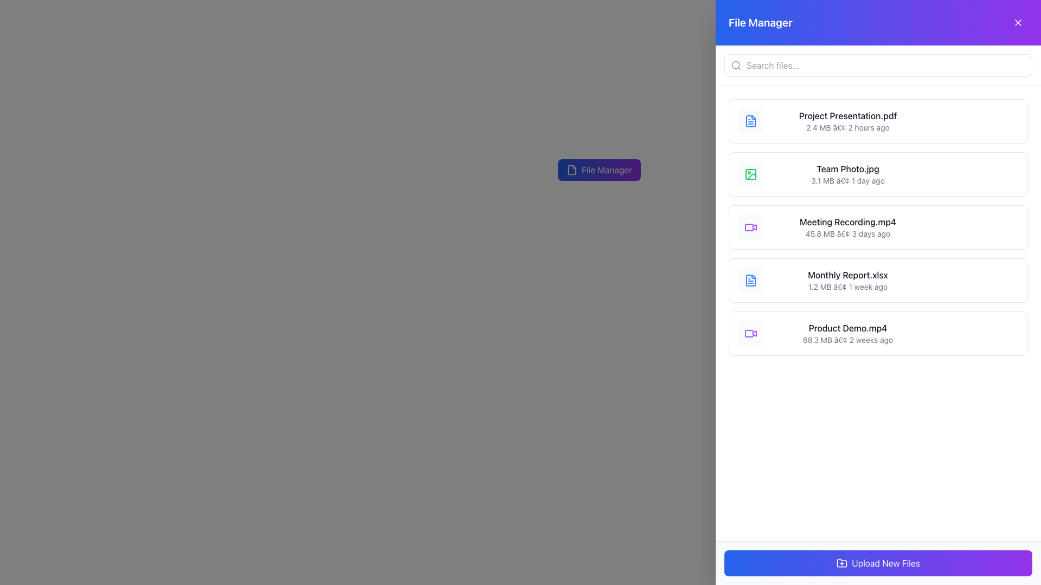 Image resolution: width=1041 pixels, height=585 pixels. What do you see at coordinates (847, 221) in the screenshot?
I see `the static text label displaying the file name 'Meeting Recording.mp4', which is the third element in the vertically stacked list in the file management interface` at bounding box center [847, 221].